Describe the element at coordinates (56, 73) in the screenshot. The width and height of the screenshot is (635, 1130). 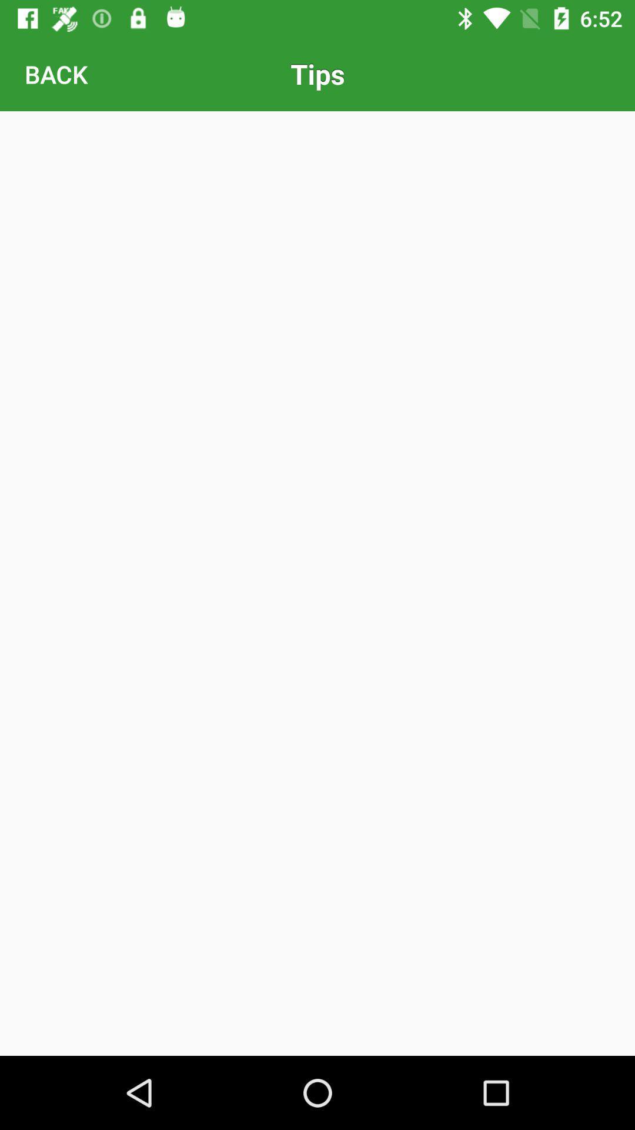
I see `the back` at that location.